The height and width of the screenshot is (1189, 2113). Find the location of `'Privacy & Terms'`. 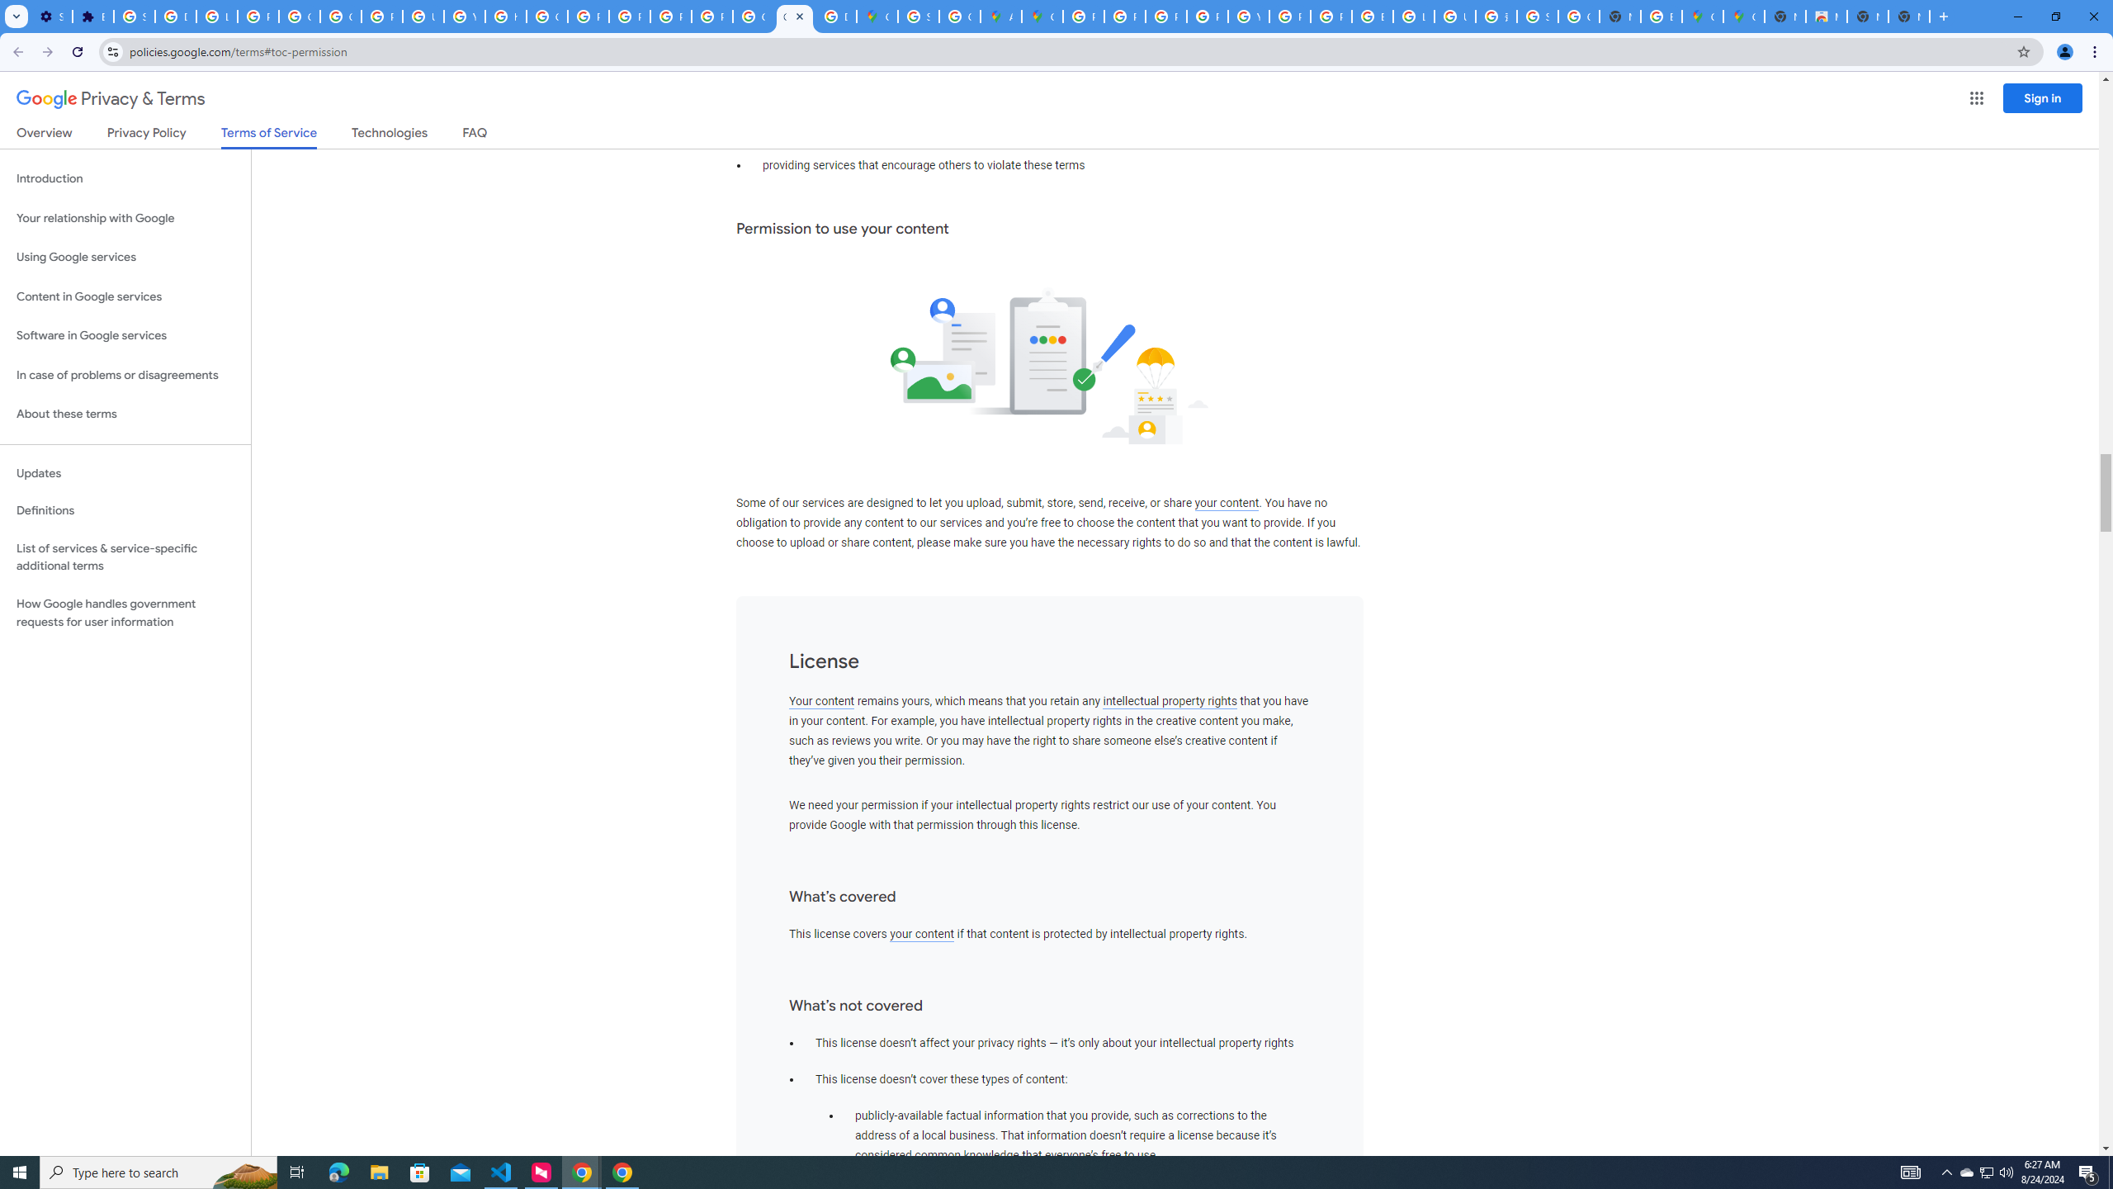

'Privacy & Terms' is located at coordinates (111, 98).